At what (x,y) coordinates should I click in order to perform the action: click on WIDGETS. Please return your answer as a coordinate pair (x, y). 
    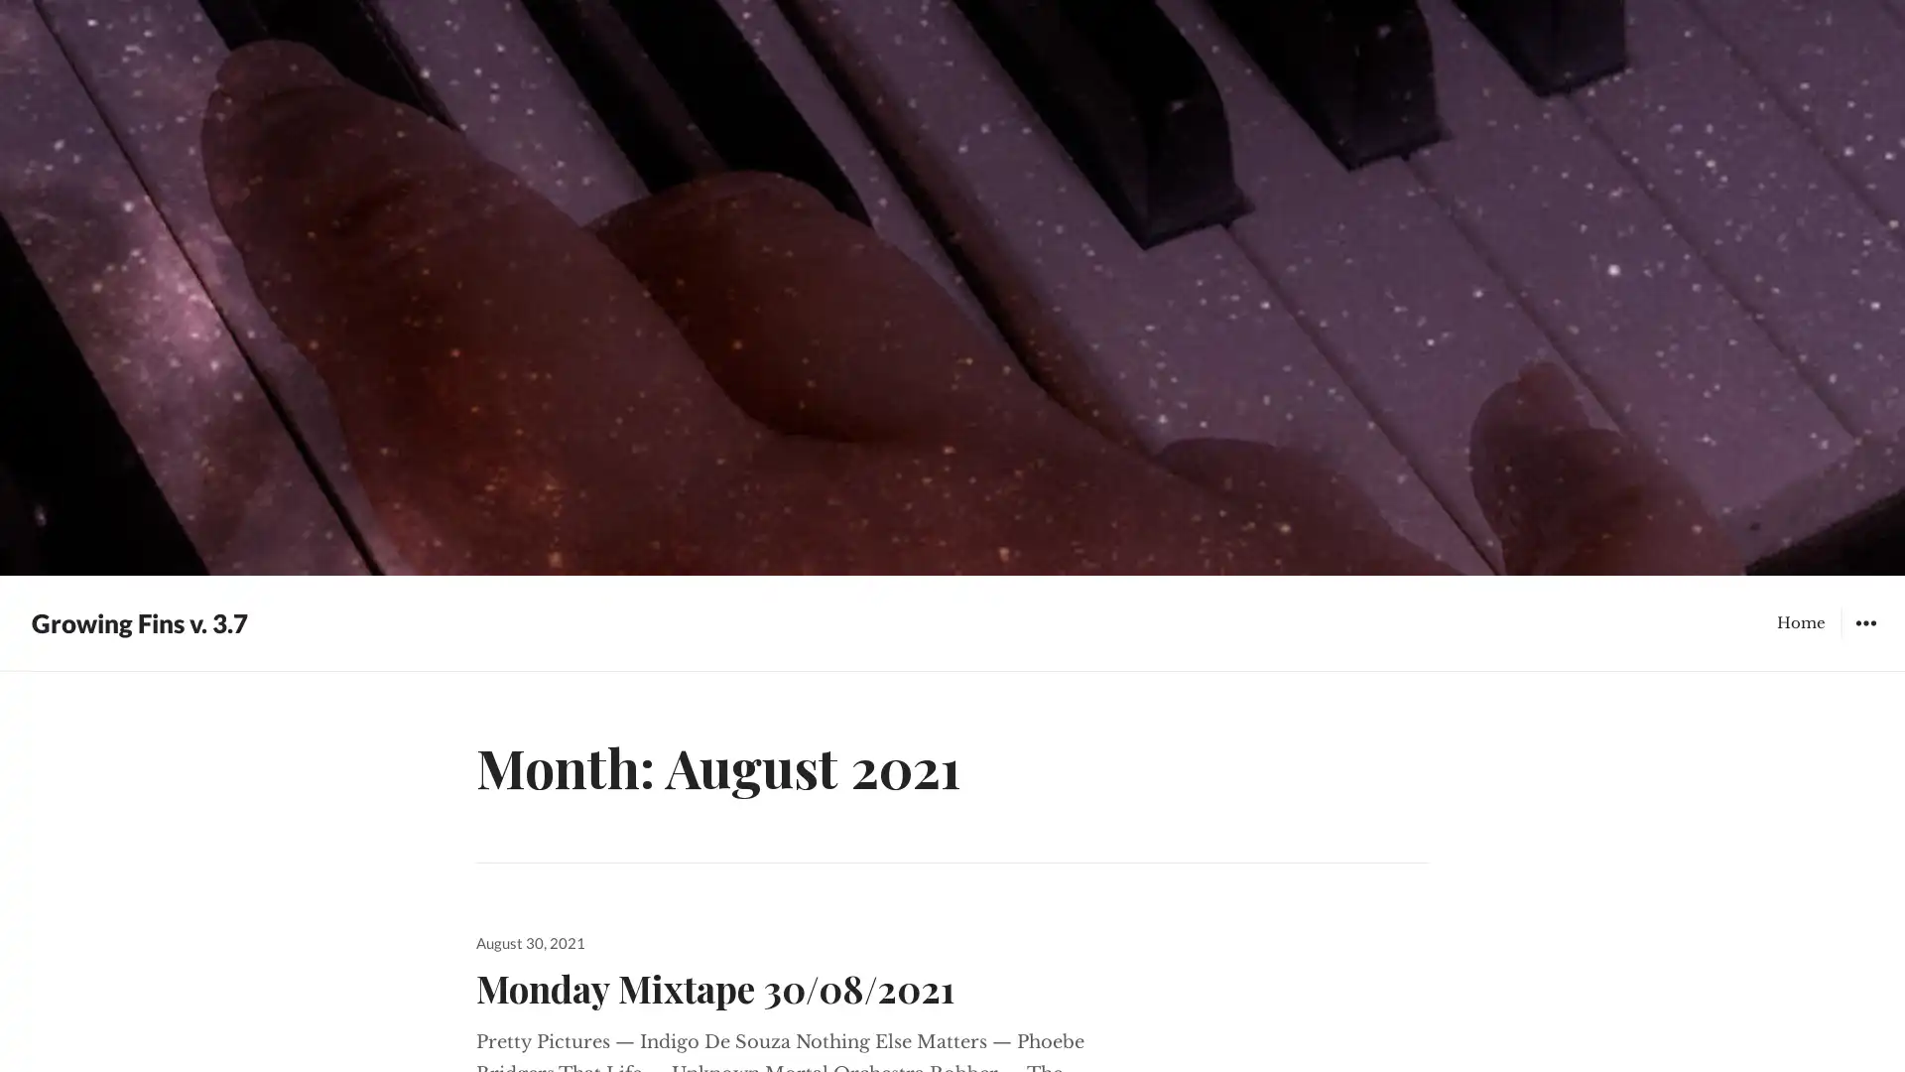
    Looking at the image, I should click on (1864, 621).